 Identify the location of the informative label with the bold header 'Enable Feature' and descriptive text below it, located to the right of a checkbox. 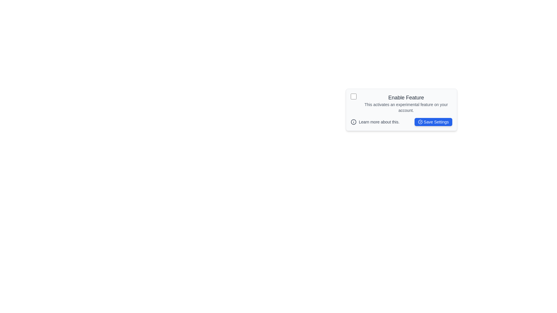
(406, 103).